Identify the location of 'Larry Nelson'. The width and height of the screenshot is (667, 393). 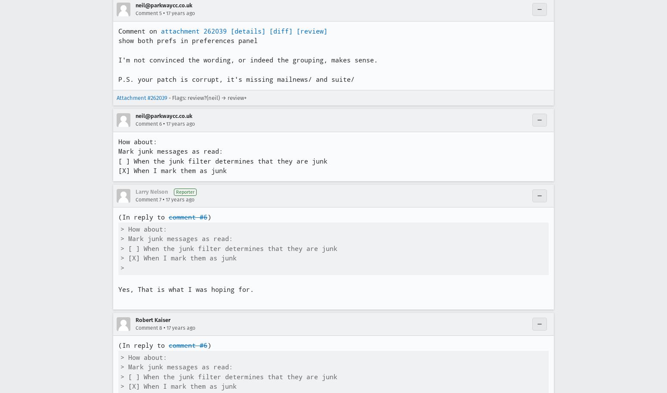
(151, 191).